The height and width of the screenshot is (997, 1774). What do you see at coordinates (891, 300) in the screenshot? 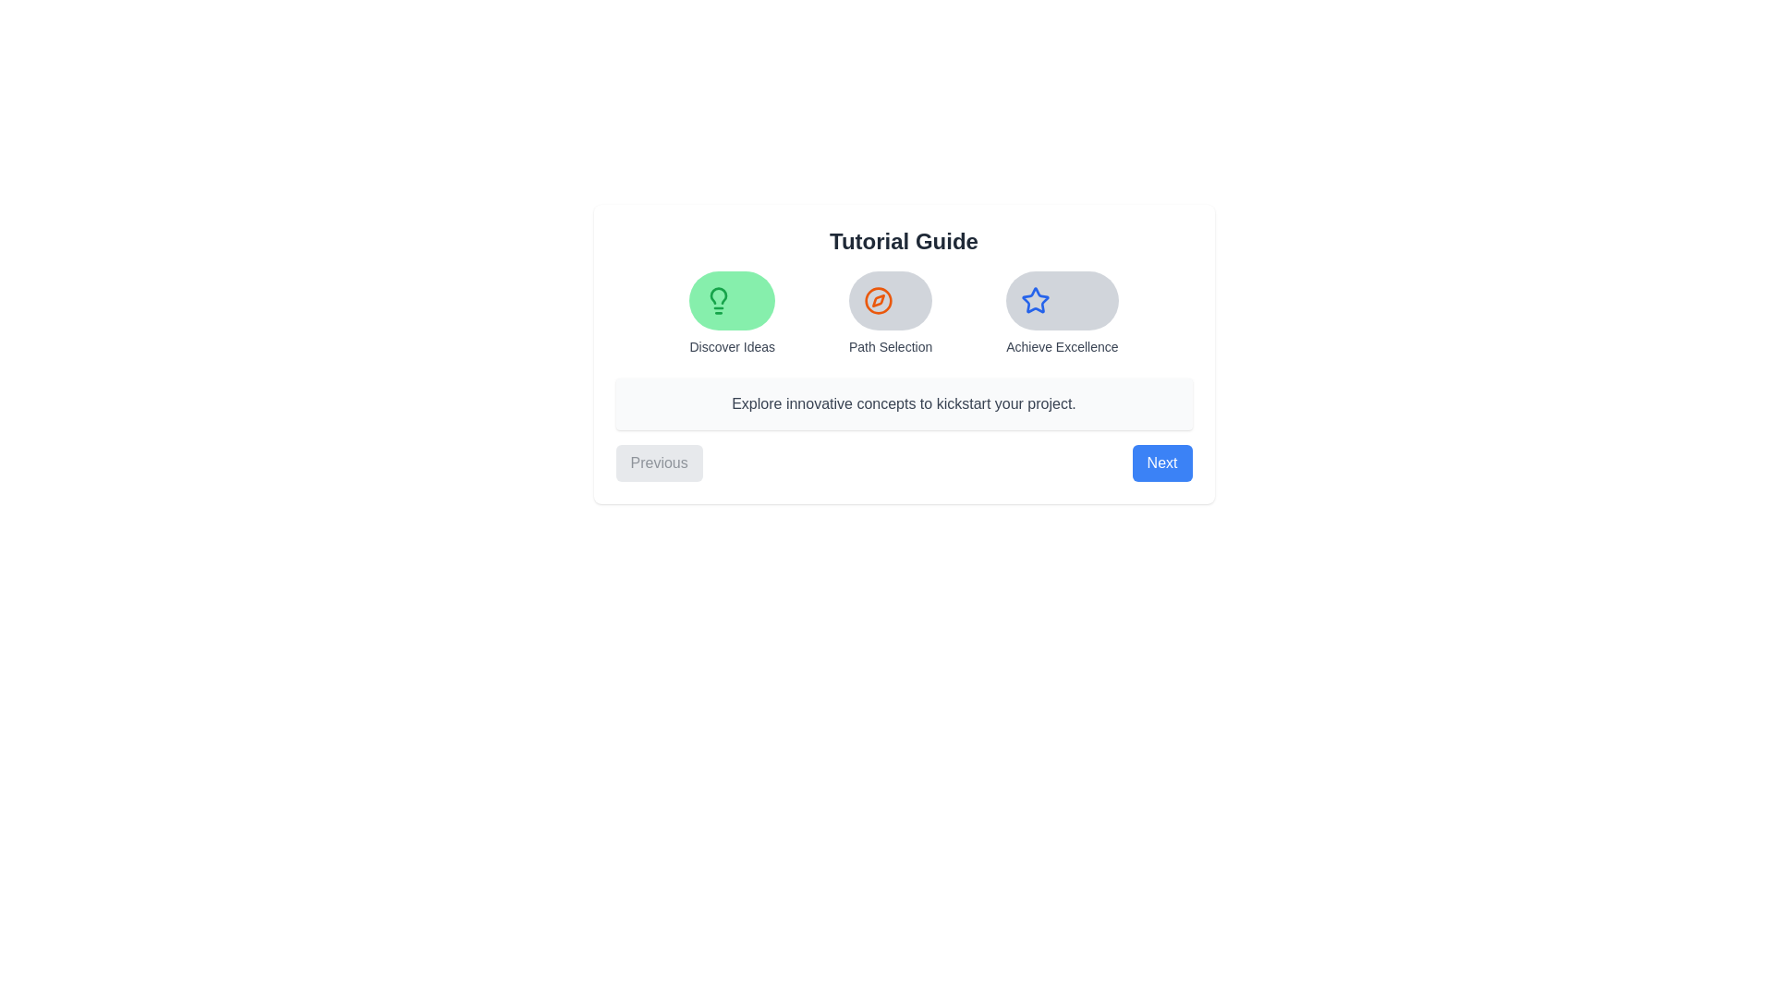
I see `the icon representing the tutorial step Path Selection` at bounding box center [891, 300].